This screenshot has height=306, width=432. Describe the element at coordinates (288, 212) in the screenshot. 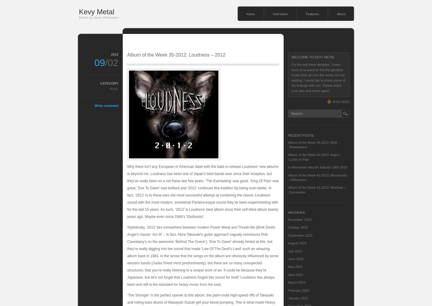

I see `'Archives'` at that location.